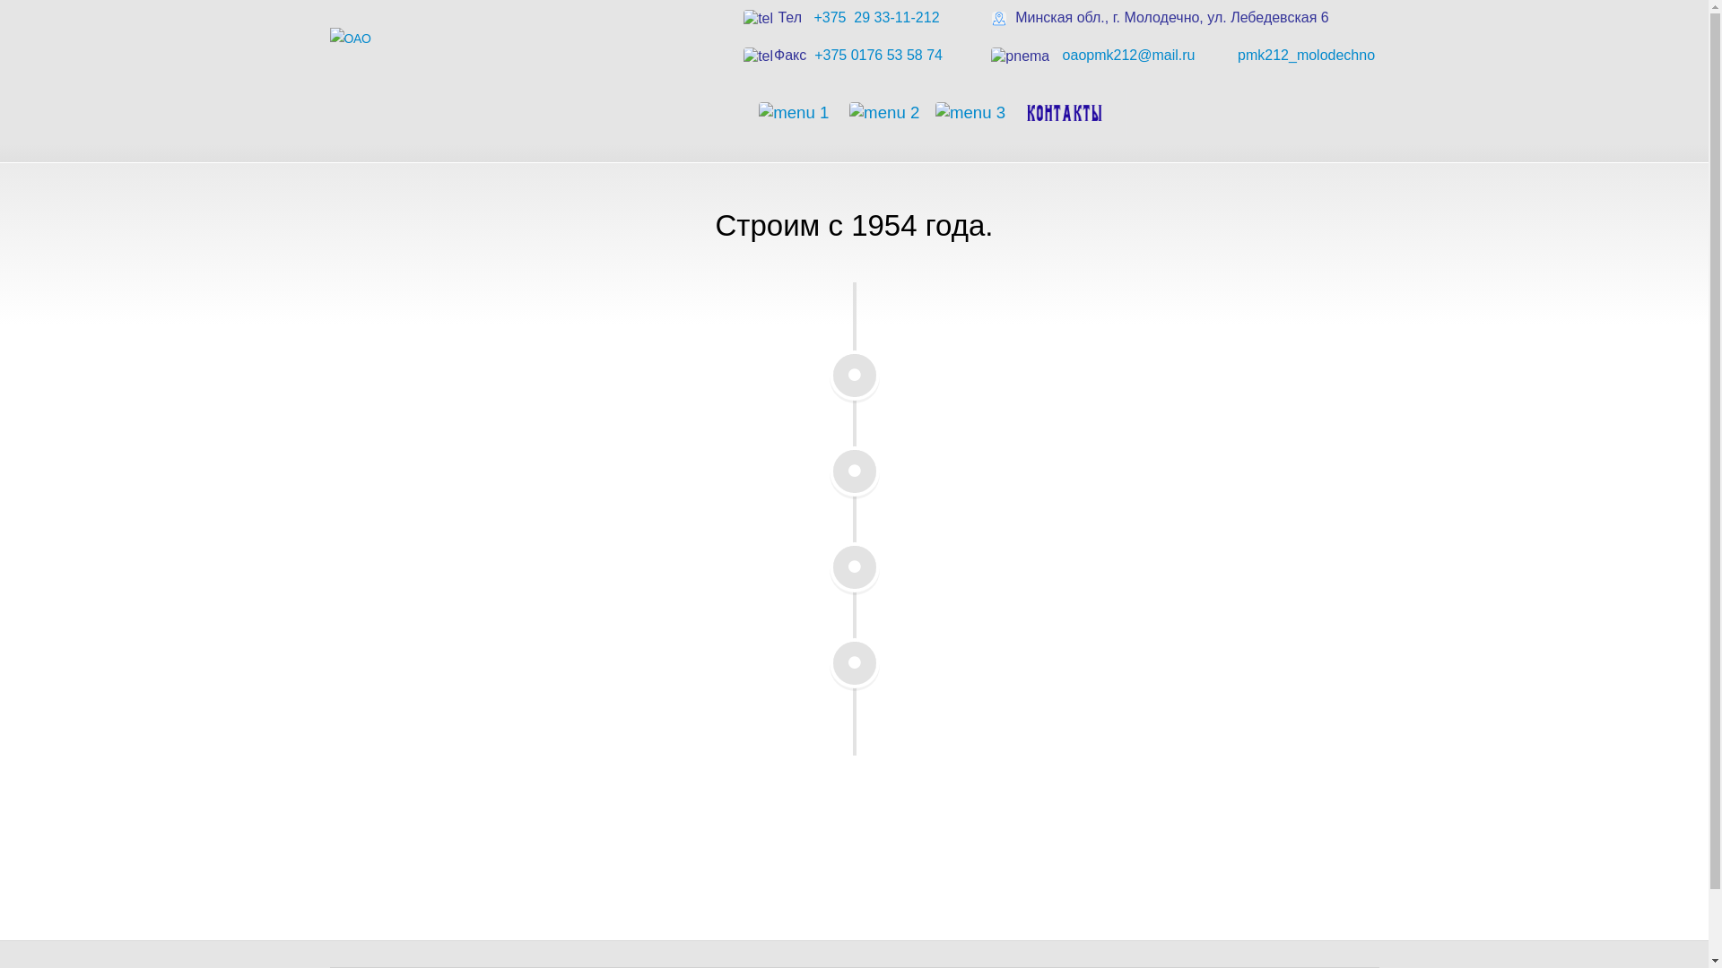  I want to click on '+375  29 33-11-212 ', so click(880, 17).